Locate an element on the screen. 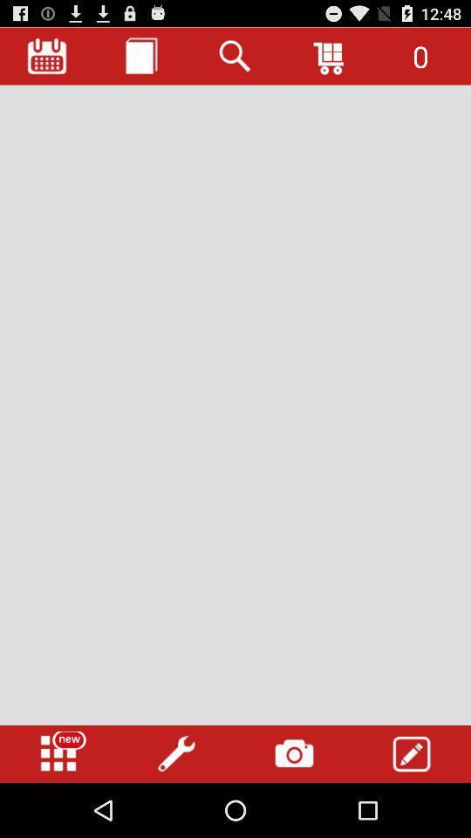 This screenshot has height=838, width=471. item at the center is located at coordinates (235, 405).